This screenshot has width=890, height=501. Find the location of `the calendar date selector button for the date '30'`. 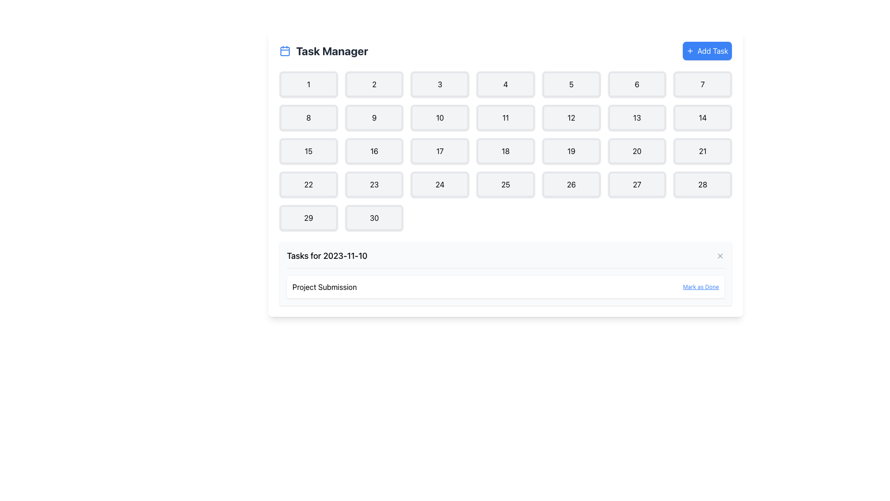

the calendar date selector button for the date '30' is located at coordinates (374, 218).